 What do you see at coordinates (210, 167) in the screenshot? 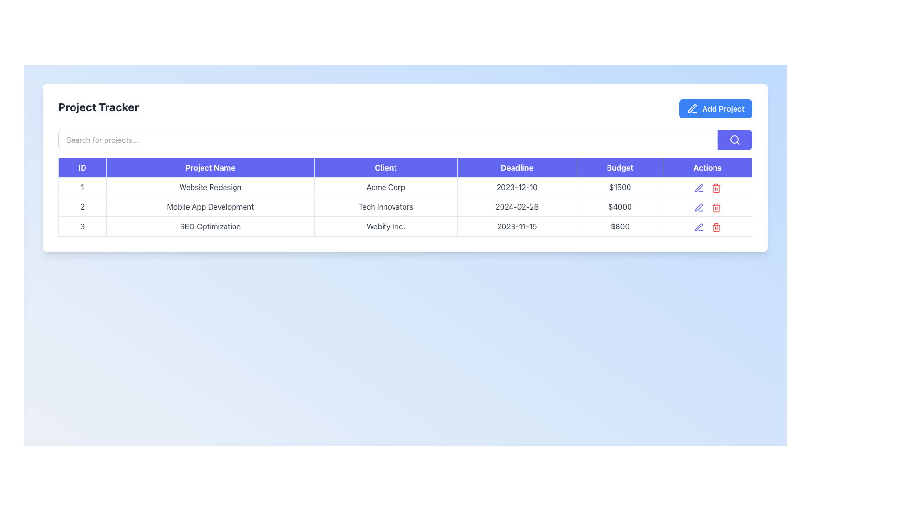
I see `the 'Project Name' column header of the table, which is the second column header positioned between 'ID' and 'Client'` at bounding box center [210, 167].